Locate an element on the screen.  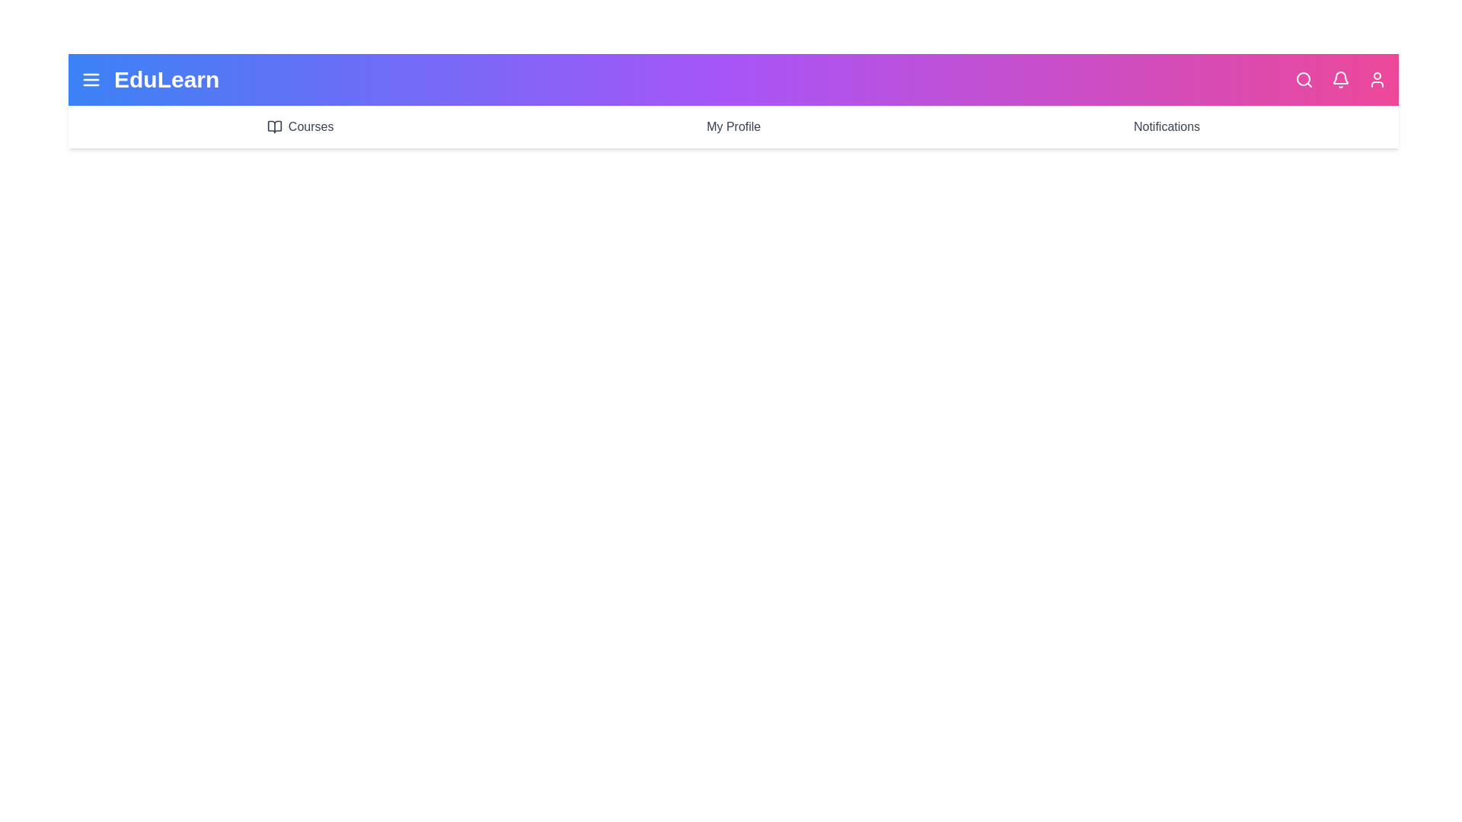
the user icon to access the user account details is located at coordinates (1377, 79).